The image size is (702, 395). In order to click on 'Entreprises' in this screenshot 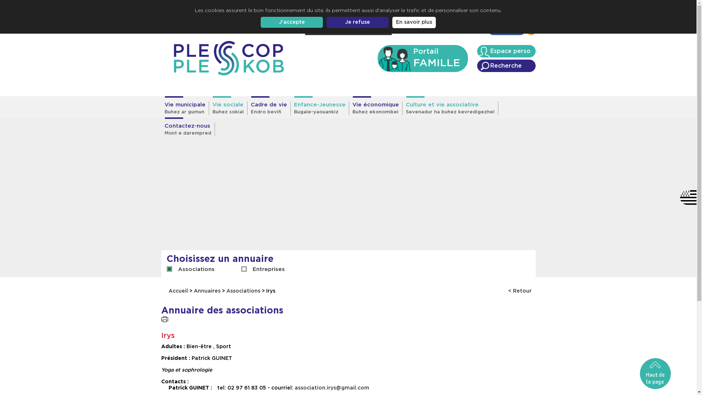, I will do `click(268, 269)`.